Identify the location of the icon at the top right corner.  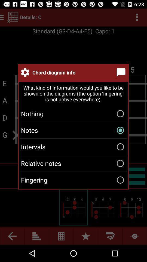
(122, 72).